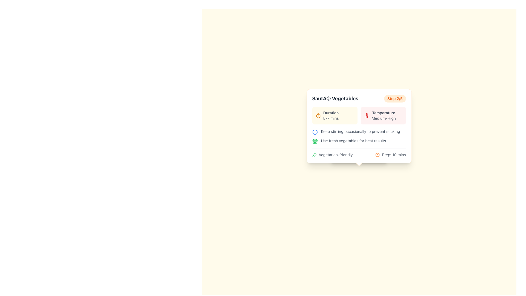 The image size is (526, 296). Describe the element at coordinates (383, 118) in the screenshot. I see `text from the text label displaying 'Medium-High', which is located in the upper-right section of the information box, directly below the 'Temperature' label` at that location.